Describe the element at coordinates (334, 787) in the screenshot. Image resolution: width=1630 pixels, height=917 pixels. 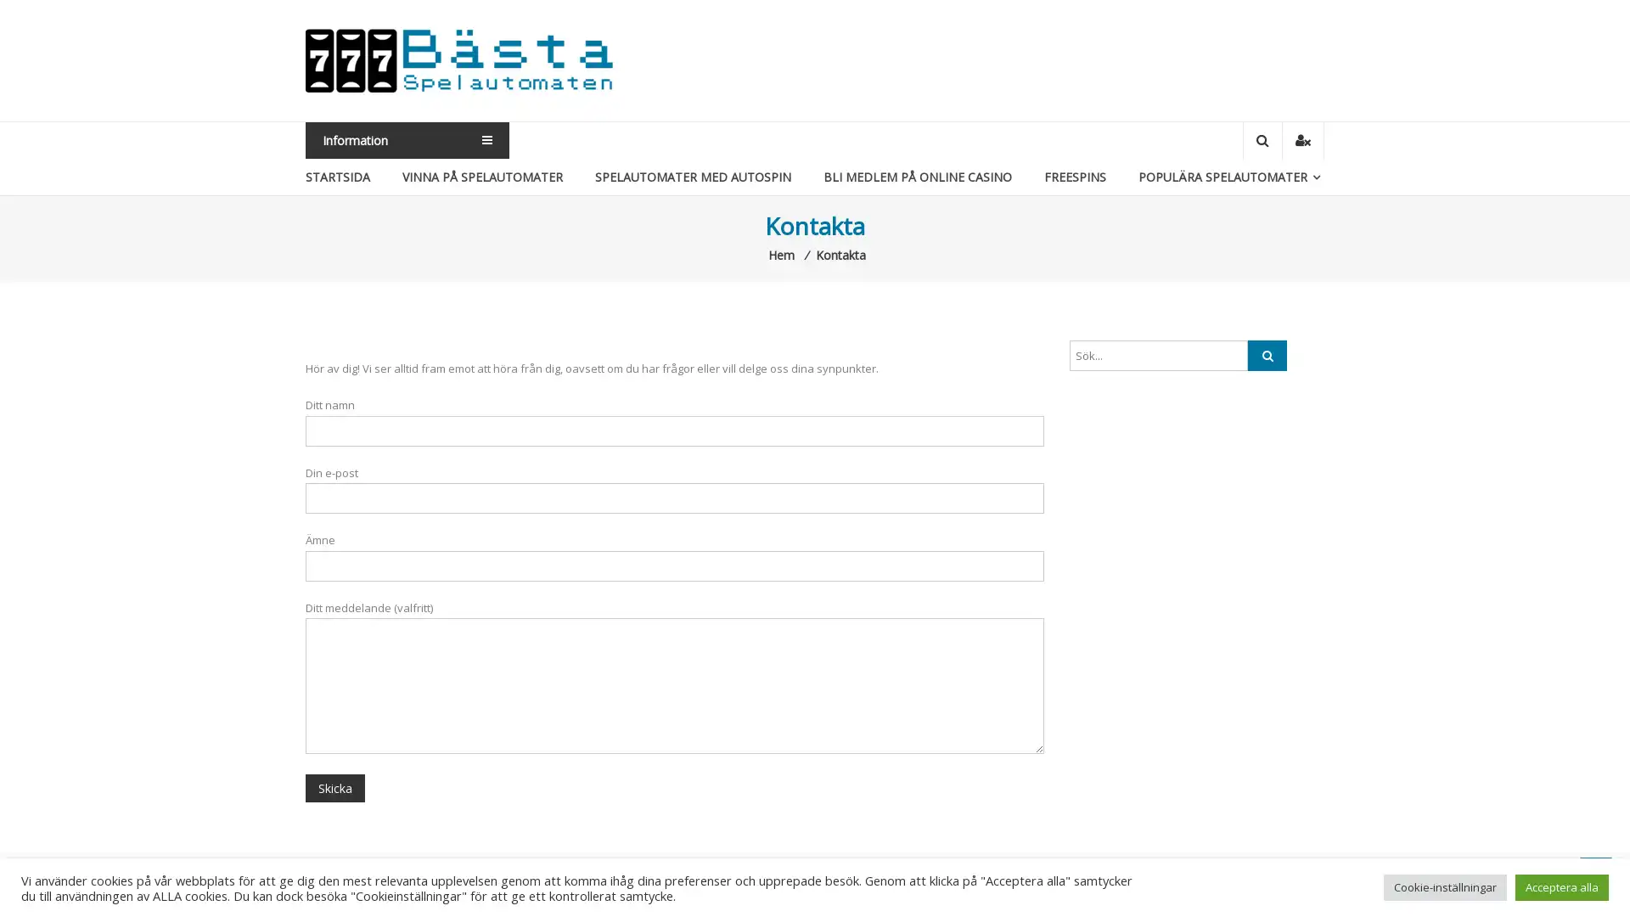
I see `Skicka` at that location.